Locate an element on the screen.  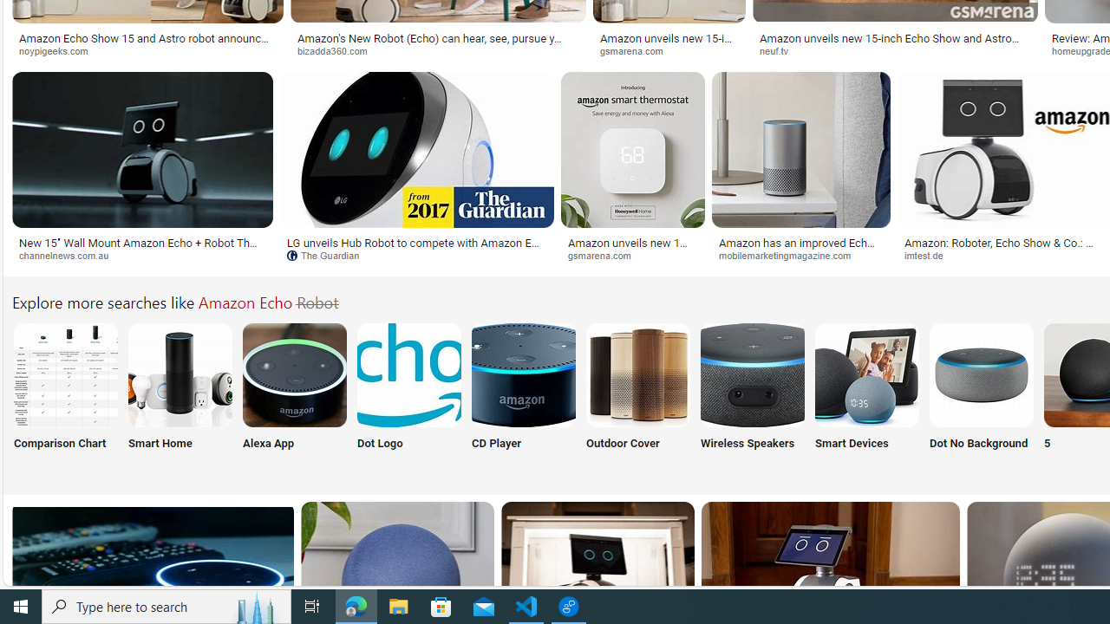
'CD Player' is located at coordinates (523, 396).